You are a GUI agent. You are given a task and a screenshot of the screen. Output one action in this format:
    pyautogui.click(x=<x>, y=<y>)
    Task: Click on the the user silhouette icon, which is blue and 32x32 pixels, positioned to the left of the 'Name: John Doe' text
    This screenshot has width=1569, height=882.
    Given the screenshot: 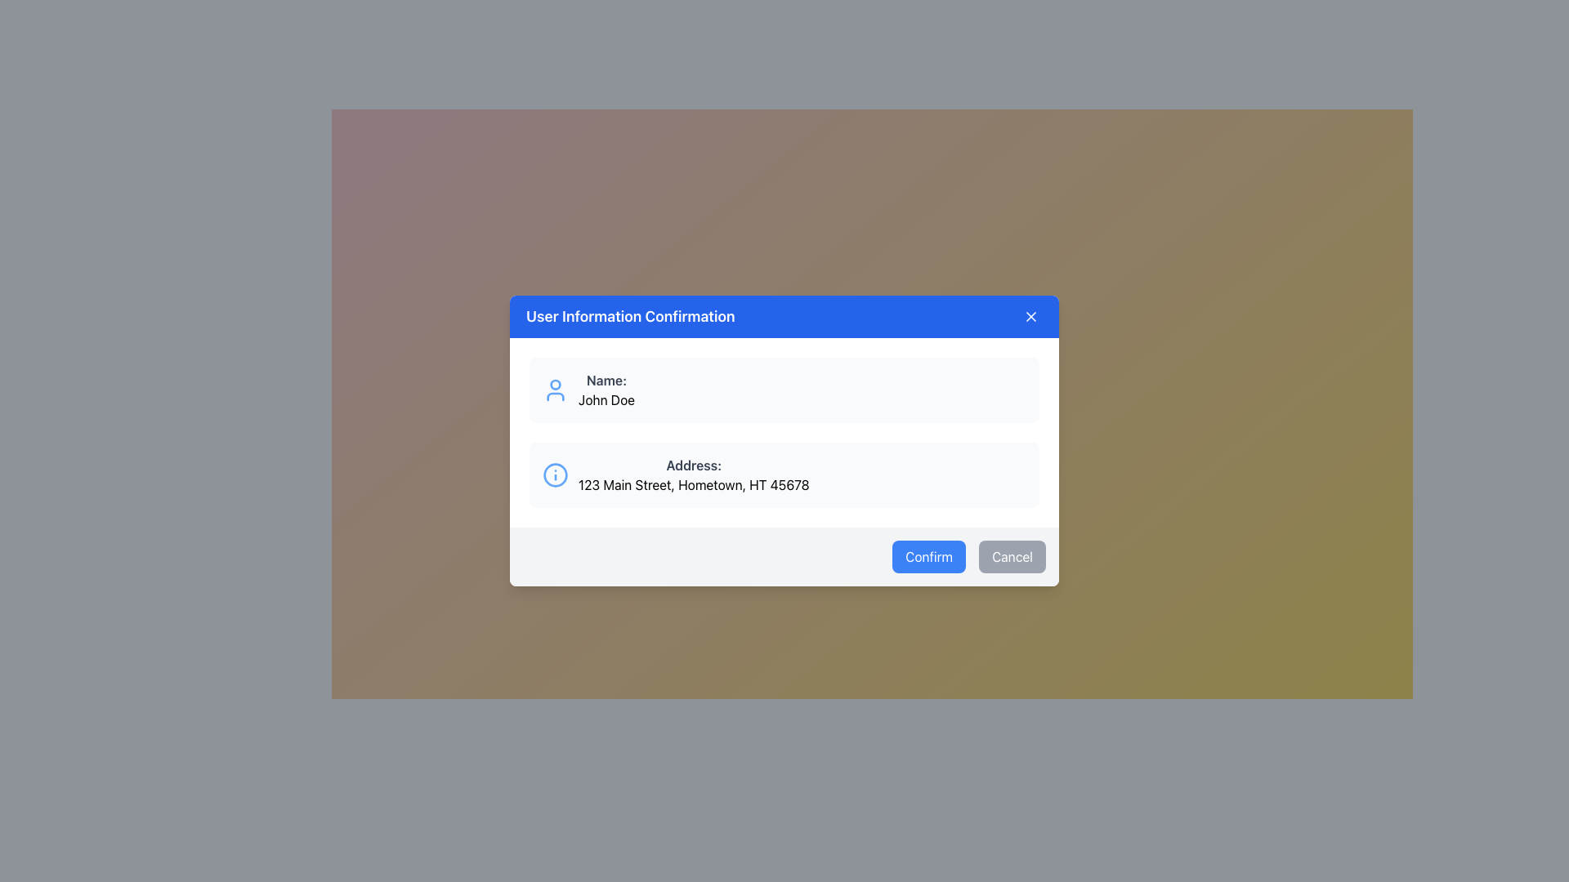 What is the action you would take?
    pyautogui.click(x=556, y=390)
    